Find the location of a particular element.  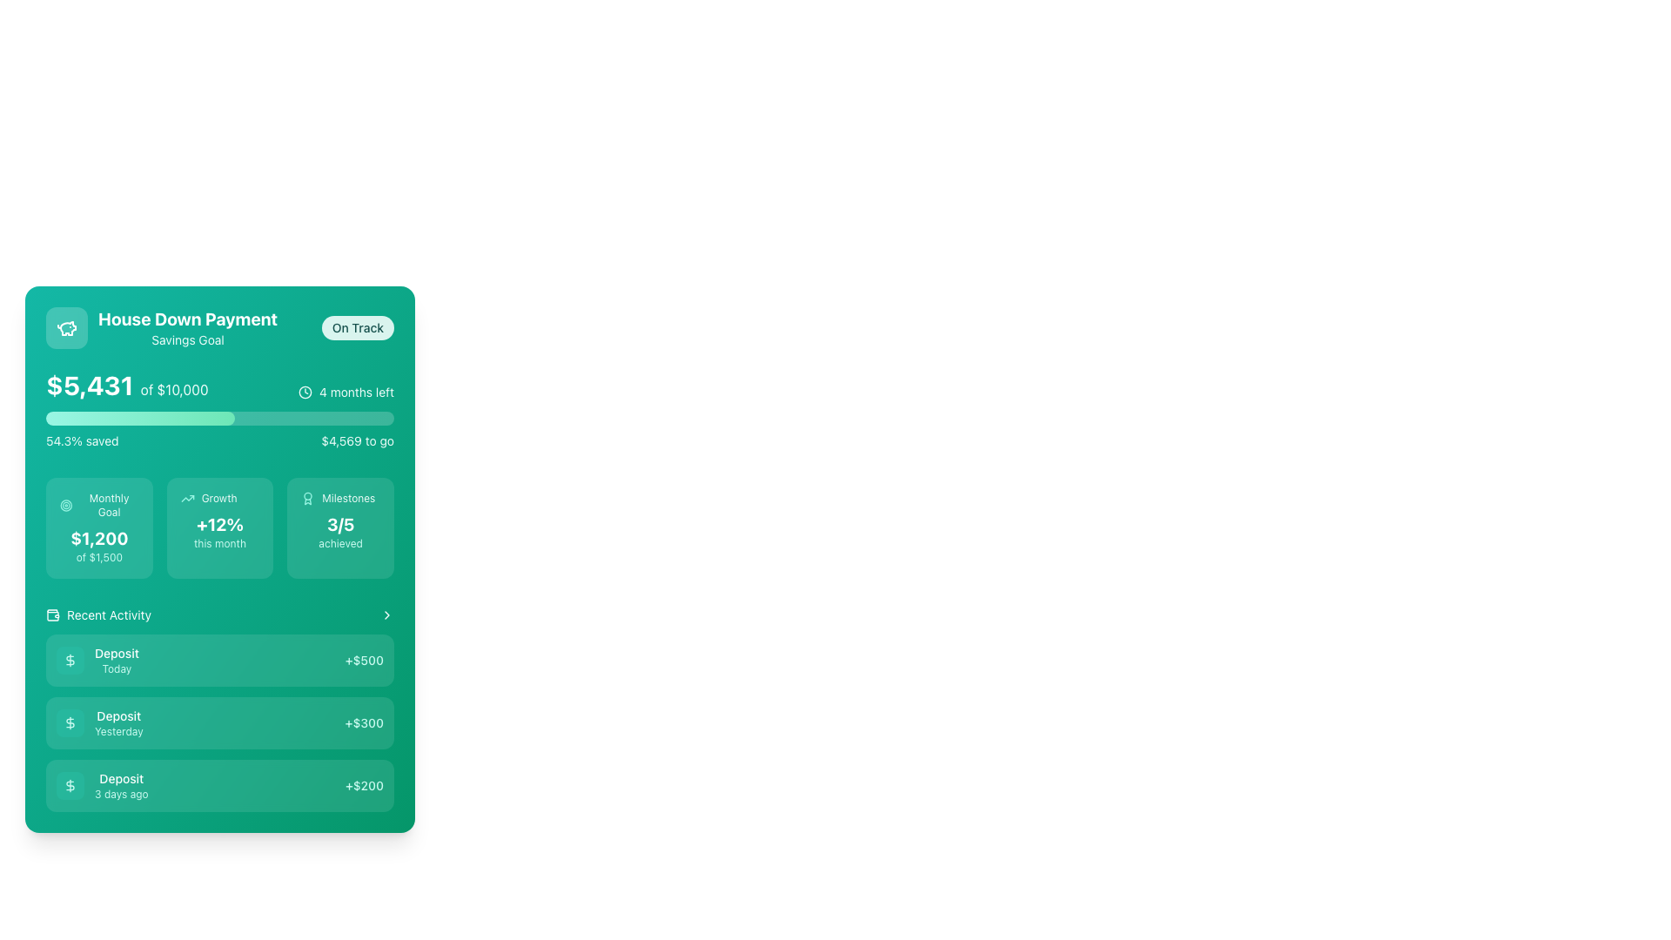

the descriptive text label located in the 'Milestones' section, positioned directly below the milestone progress indicator '3/5' is located at coordinates (340, 542).